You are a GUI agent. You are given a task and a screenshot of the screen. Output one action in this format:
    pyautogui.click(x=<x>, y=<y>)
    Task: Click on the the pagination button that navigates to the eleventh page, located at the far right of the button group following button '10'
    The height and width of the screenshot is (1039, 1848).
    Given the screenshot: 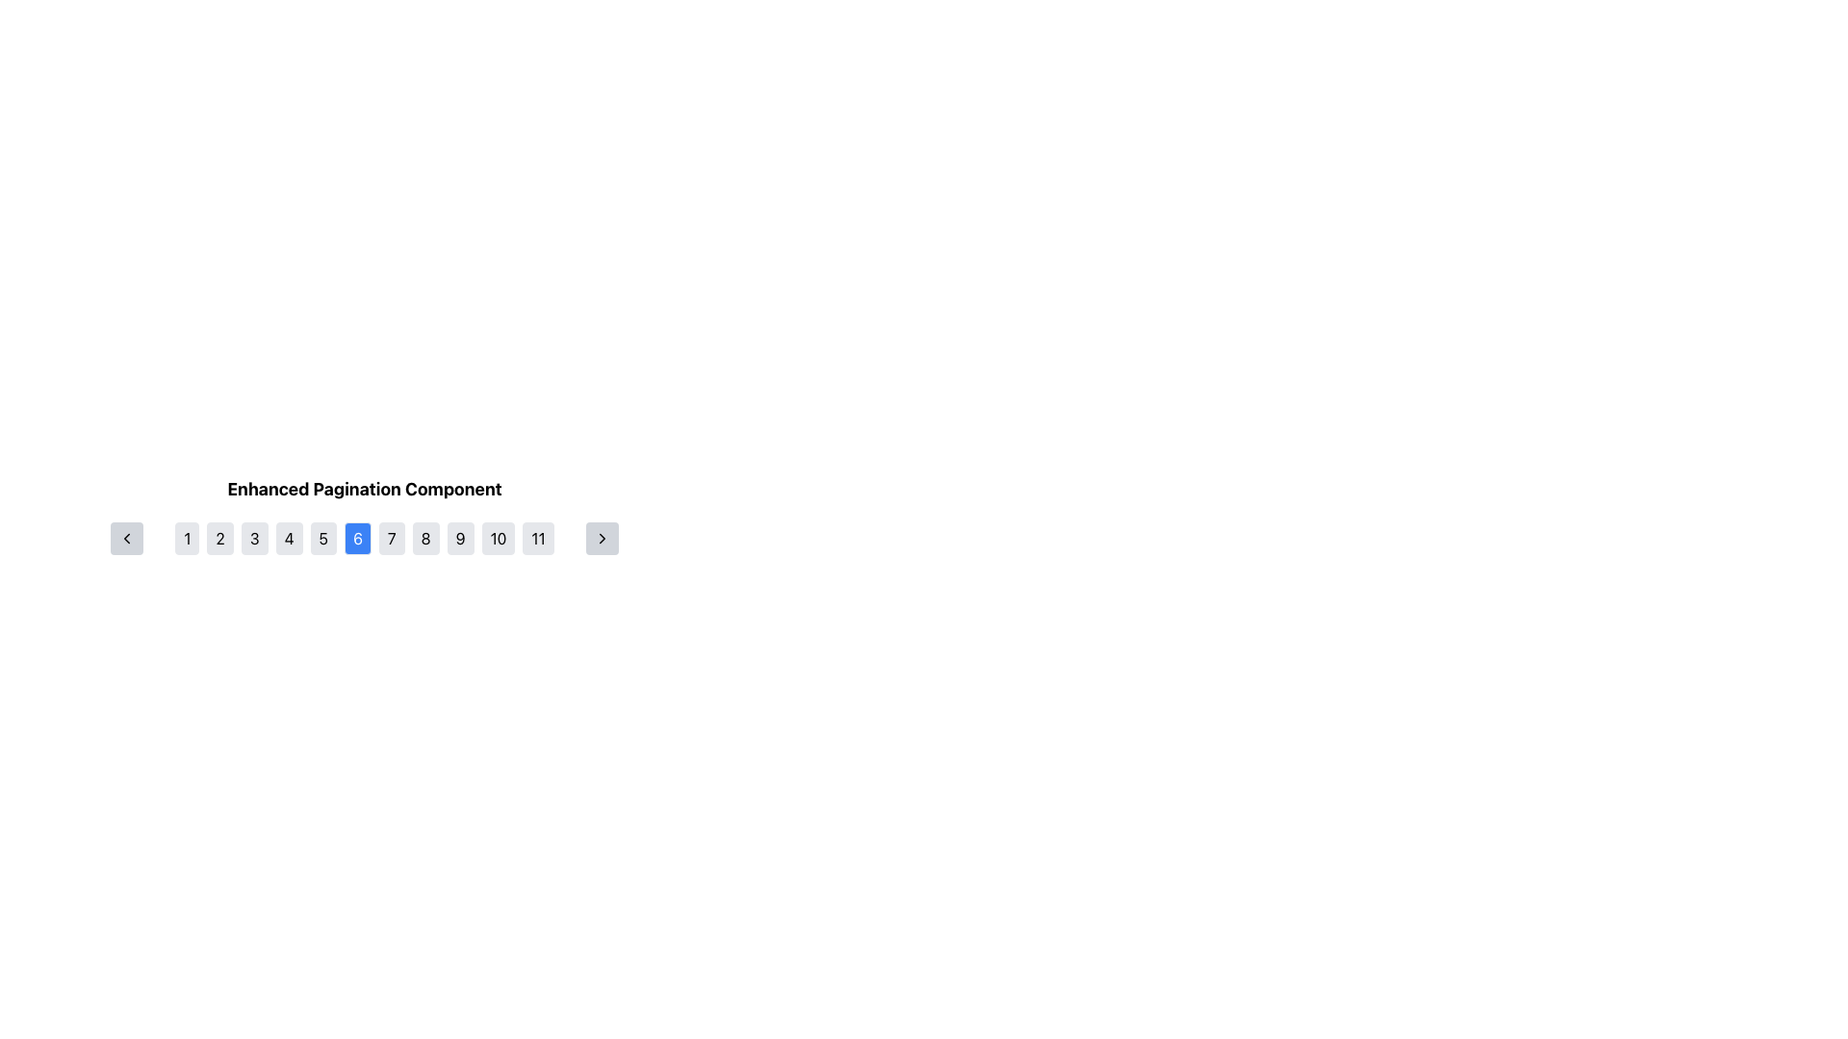 What is the action you would take?
    pyautogui.click(x=538, y=538)
    